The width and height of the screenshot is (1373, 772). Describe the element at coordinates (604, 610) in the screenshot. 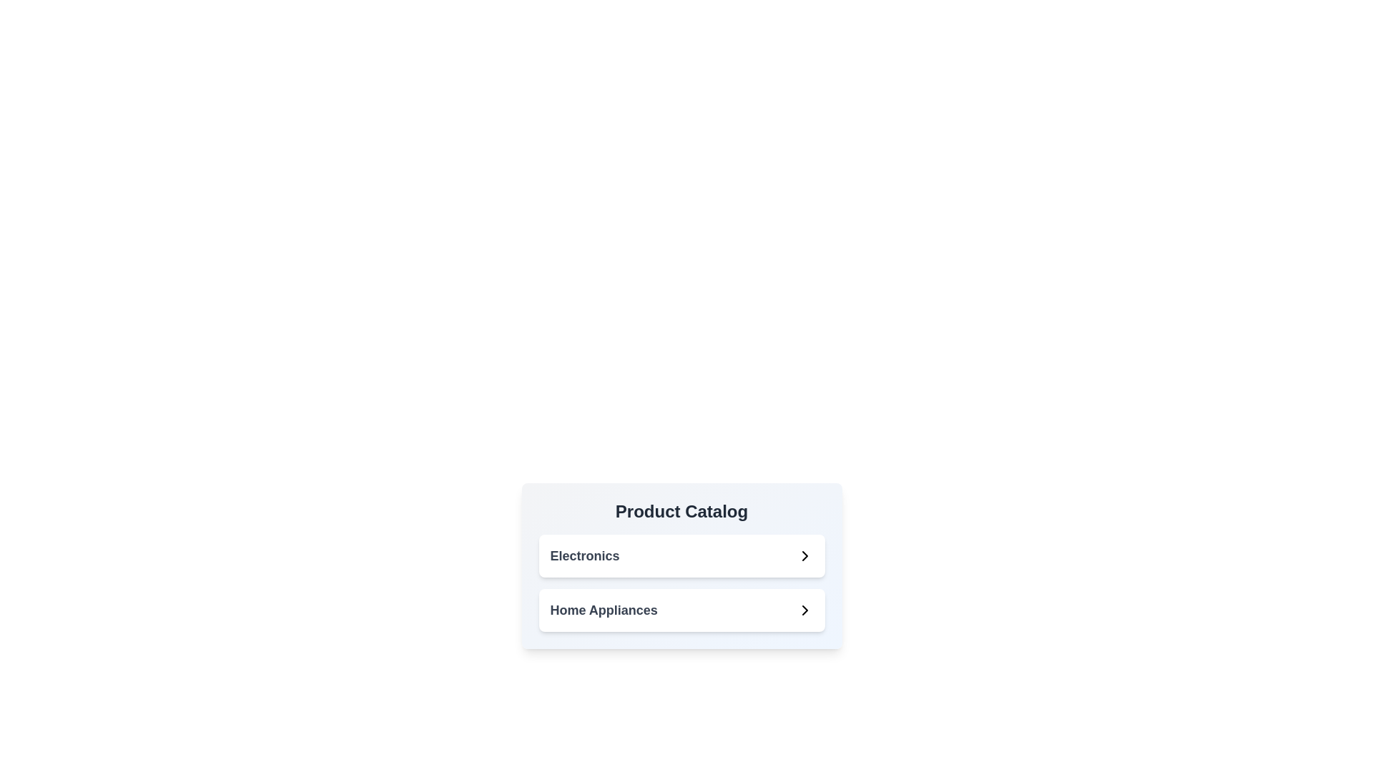

I see `the text label reading 'Home Appliances' which is styled in a large, bold, gray font within a card-like UI structure` at that location.